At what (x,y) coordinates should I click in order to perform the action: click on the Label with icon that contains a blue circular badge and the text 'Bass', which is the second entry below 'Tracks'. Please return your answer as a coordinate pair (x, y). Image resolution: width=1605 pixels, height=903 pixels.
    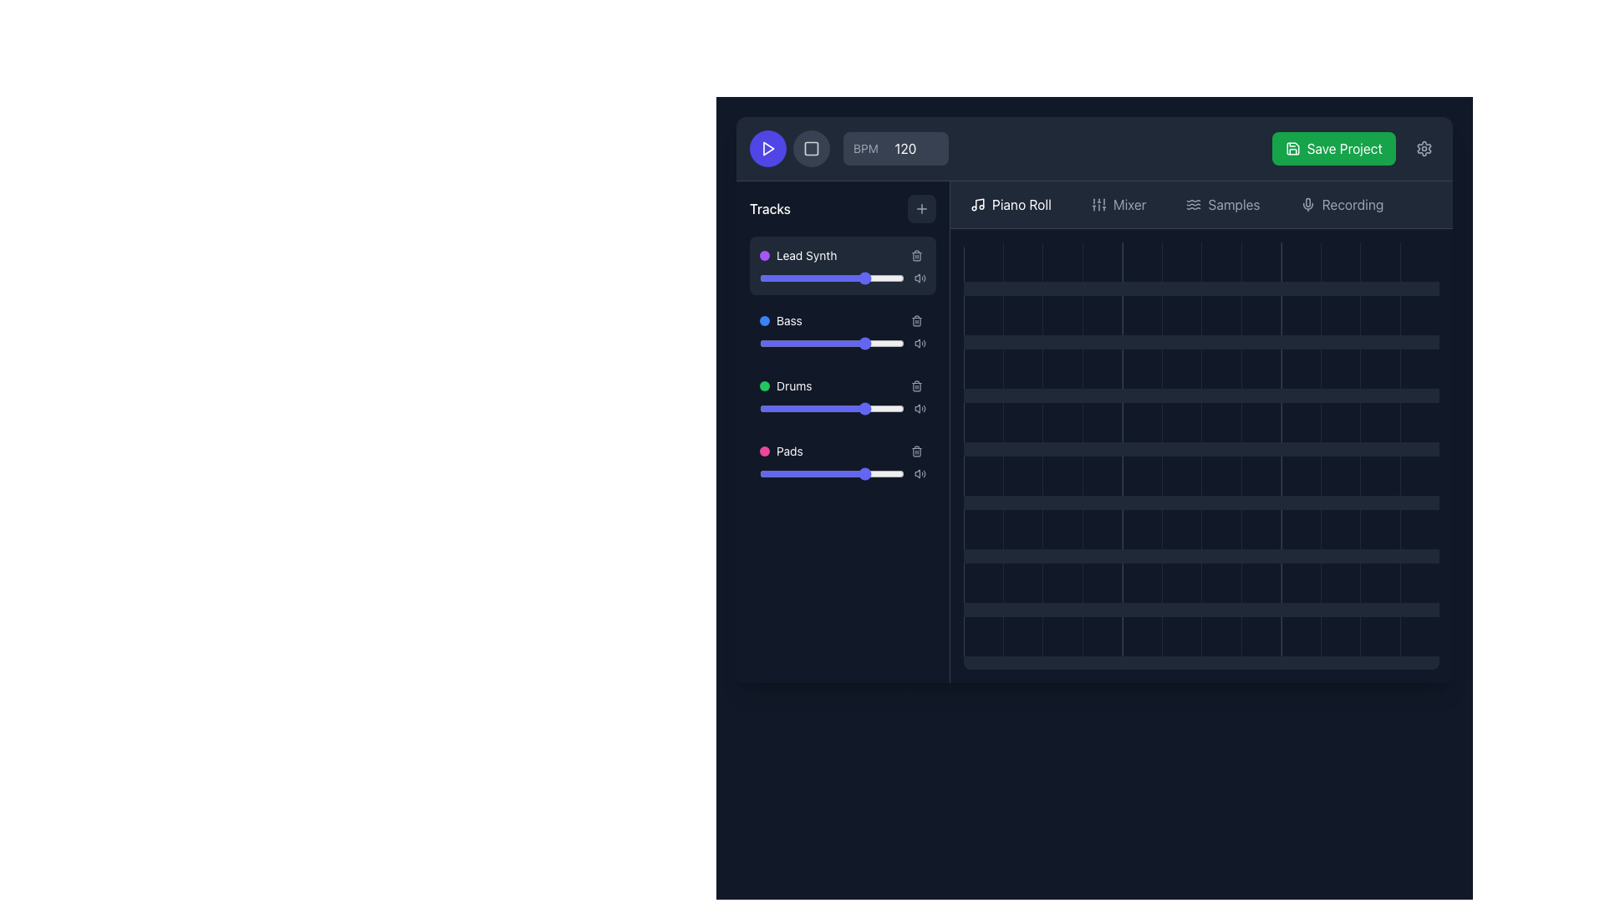
    Looking at the image, I should click on (780, 321).